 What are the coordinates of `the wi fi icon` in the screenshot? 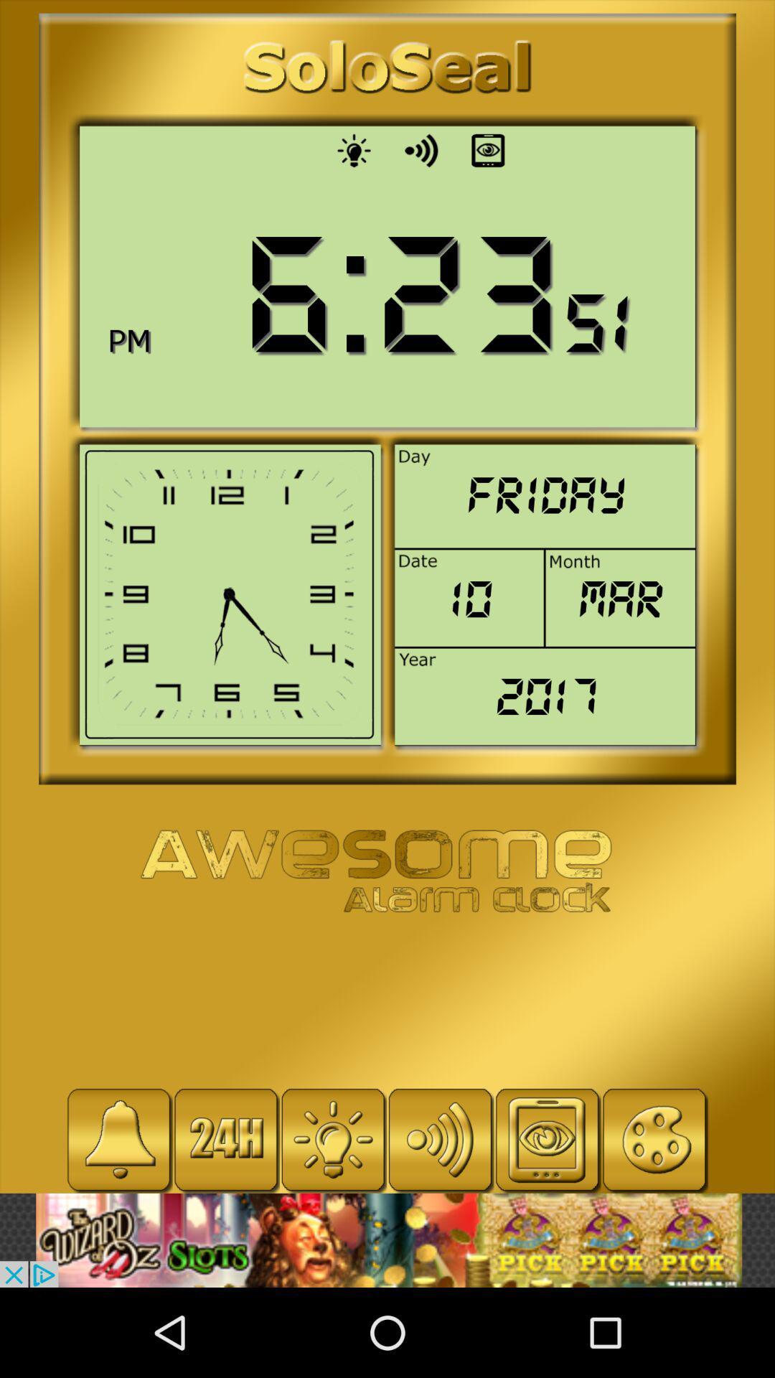 It's located at (439, 1139).